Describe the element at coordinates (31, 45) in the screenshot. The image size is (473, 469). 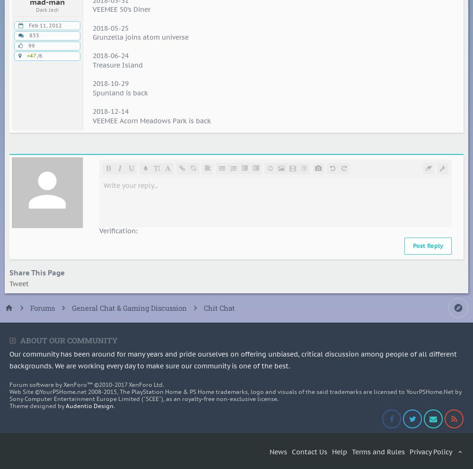
I see `'99'` at that location.